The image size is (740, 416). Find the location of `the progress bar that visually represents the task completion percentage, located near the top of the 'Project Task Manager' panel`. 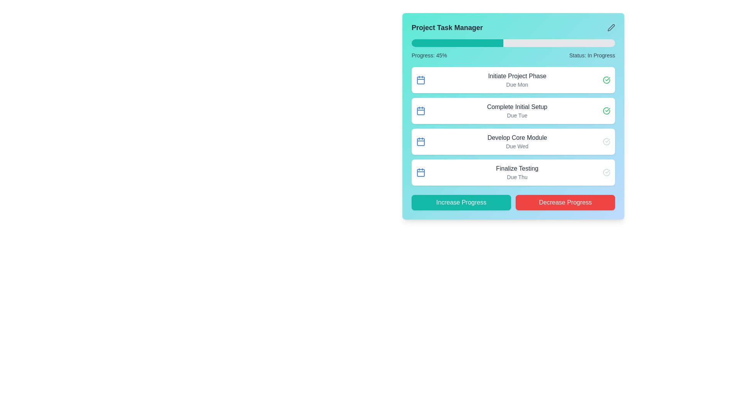

the progress bar that visually represents the task completion percentage, located near the top of the 'Project Task Manager' panel is located at coordinates (513, 43).